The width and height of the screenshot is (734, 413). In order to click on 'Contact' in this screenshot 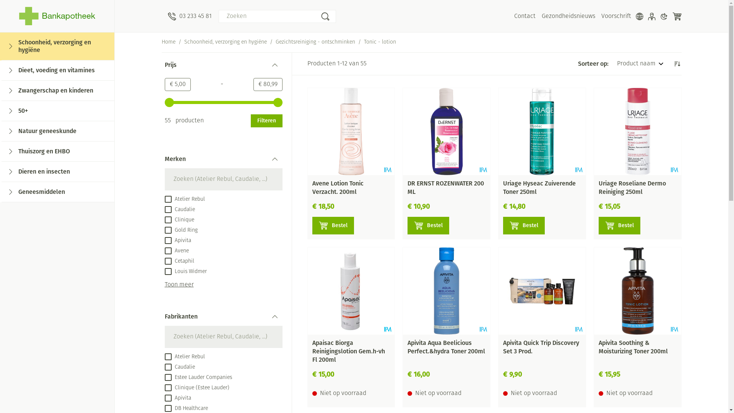, I will do `click(524, 16)`.